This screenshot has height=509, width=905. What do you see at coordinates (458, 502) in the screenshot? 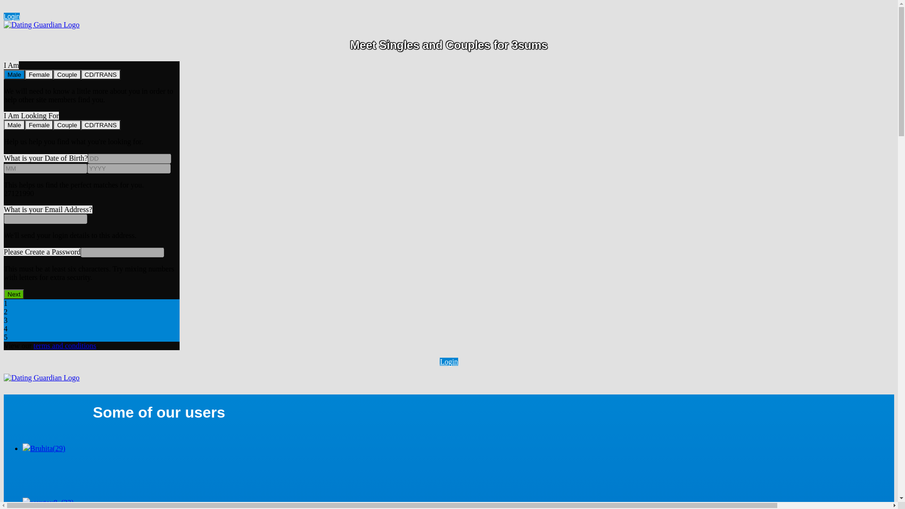
I see `'sexytoy8..(32)'` at bounding box center [458, 502].